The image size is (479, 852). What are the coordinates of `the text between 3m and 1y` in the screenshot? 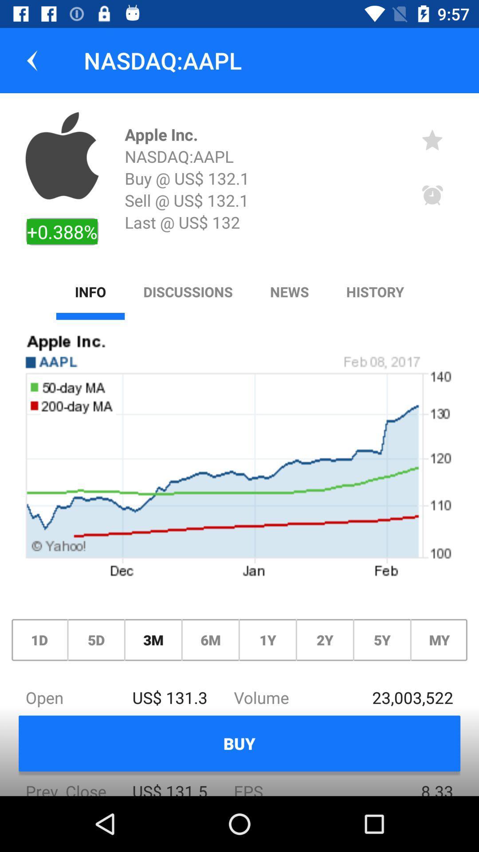 It's located at (210, 640).